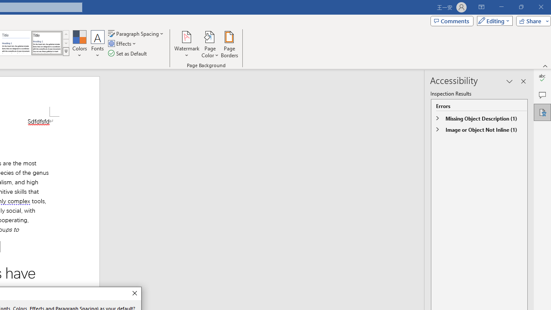  What do you see at coordinates (492, 20) in the screenshot?
I see `'Editing'` at bounding box center [492, 20].